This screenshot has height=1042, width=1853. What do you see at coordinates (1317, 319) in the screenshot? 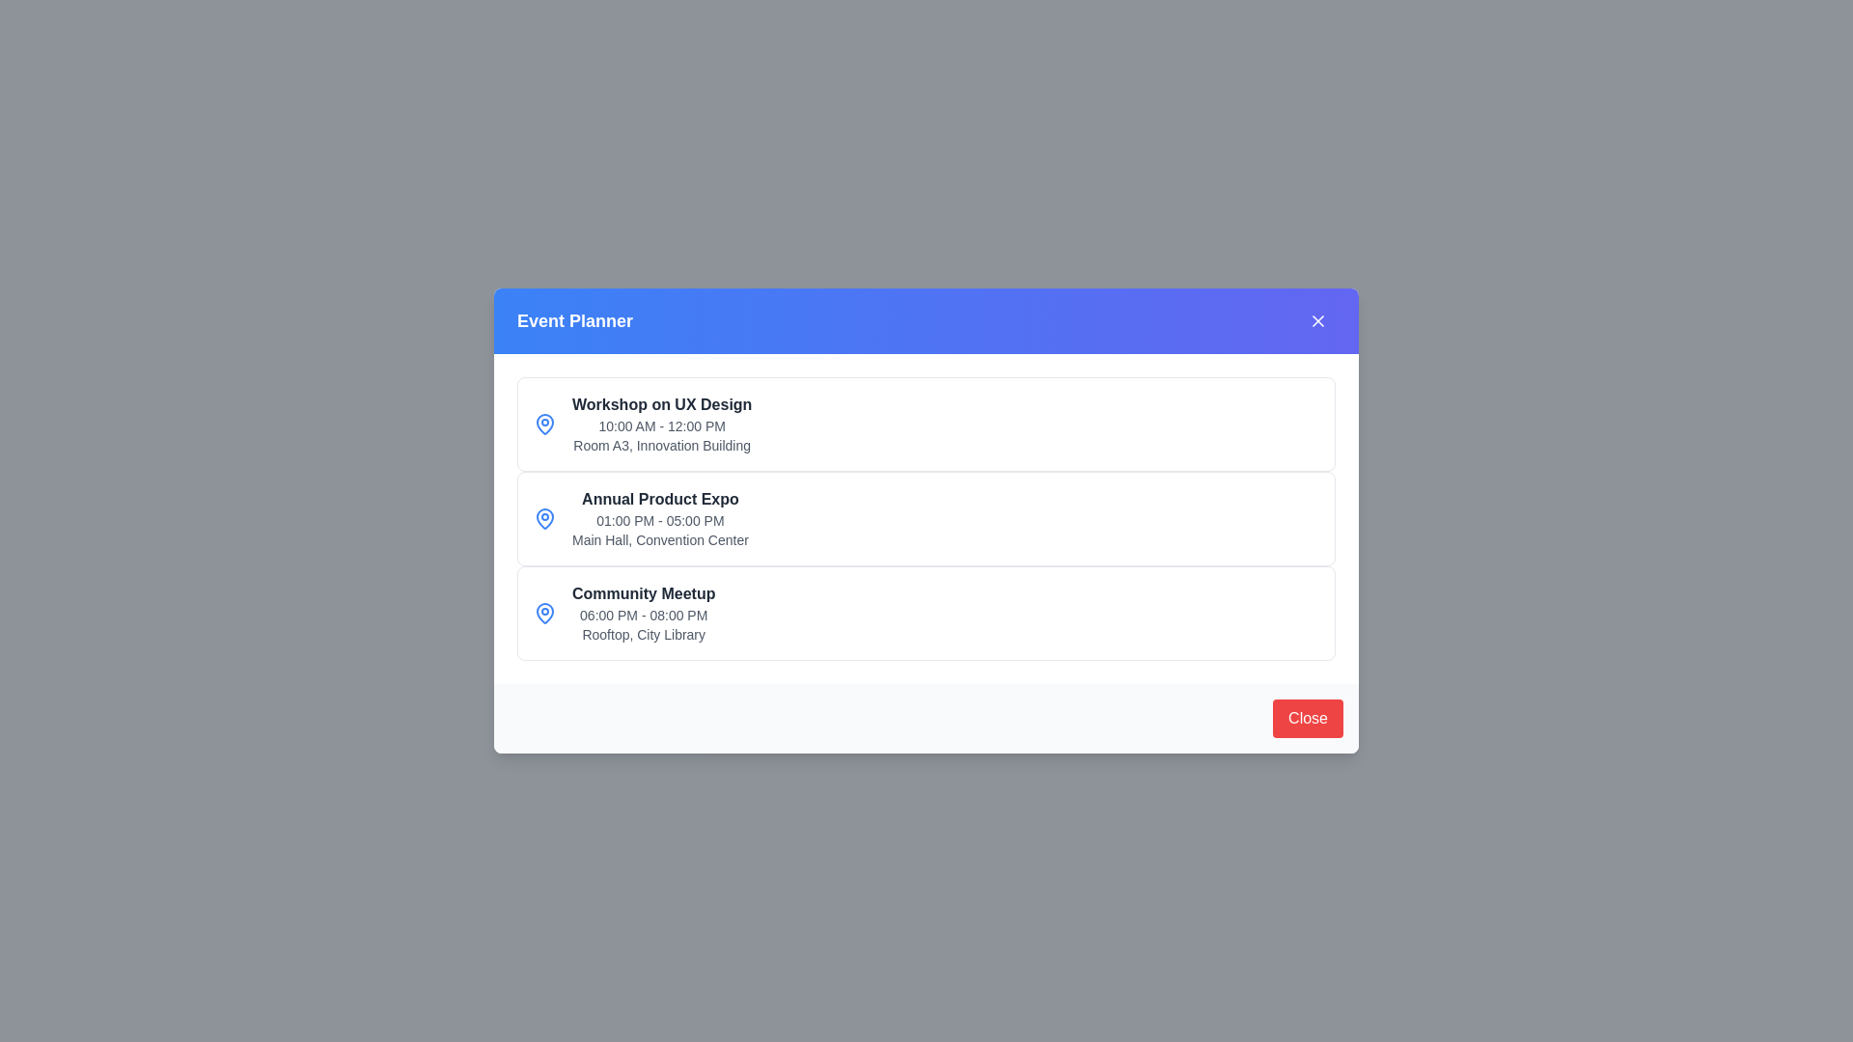
I see `the close button in the header to dismiss the dialog` at bounding box center [1317, 319].